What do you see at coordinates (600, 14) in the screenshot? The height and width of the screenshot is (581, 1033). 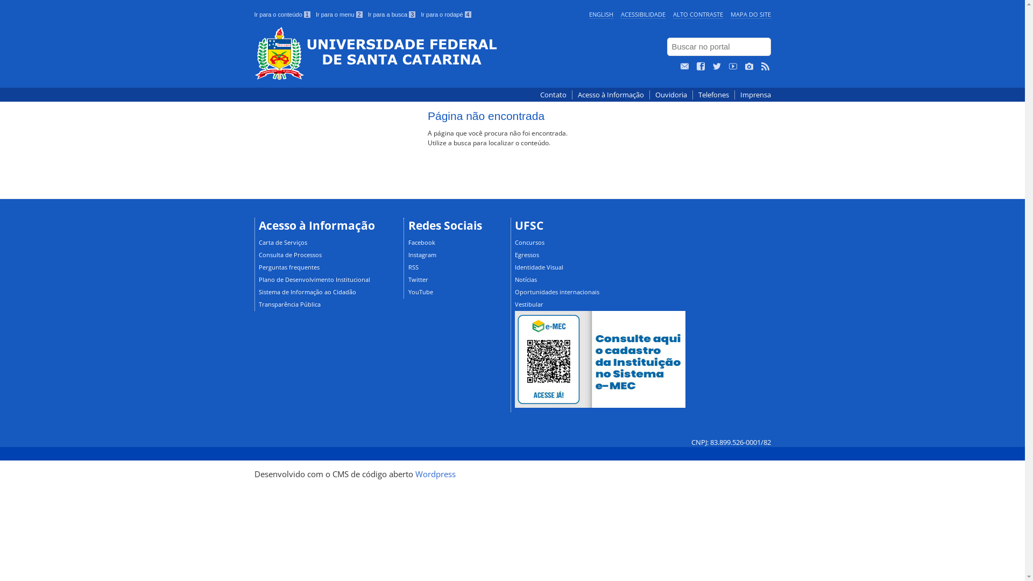 I see `'ENGLISH'` at bounding box center [600, 14].